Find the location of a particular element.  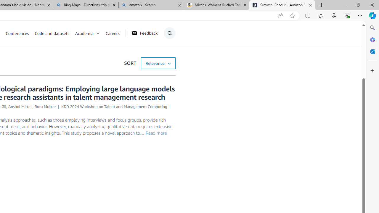

'Sreyoshi Bhaduri - Amazon Science' is located at coordinates (282, 5).